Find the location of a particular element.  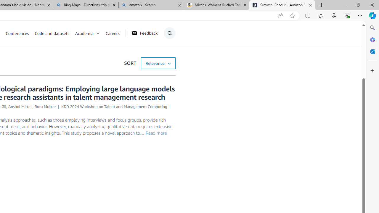

'Sreyoshi Bhaduri - Amazon Science' is located at coordinates (282, 5).